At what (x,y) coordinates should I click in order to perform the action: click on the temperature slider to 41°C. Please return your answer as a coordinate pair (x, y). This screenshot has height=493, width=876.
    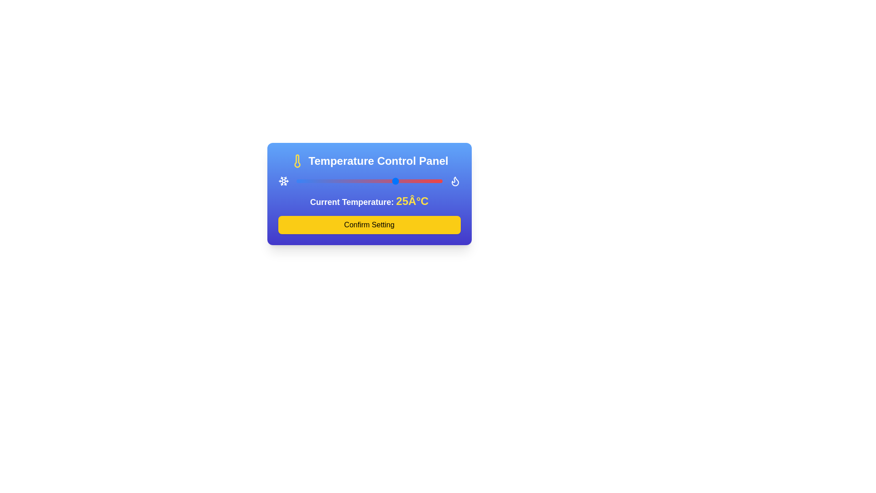
    Looking at the image, I should click on (425, 181).